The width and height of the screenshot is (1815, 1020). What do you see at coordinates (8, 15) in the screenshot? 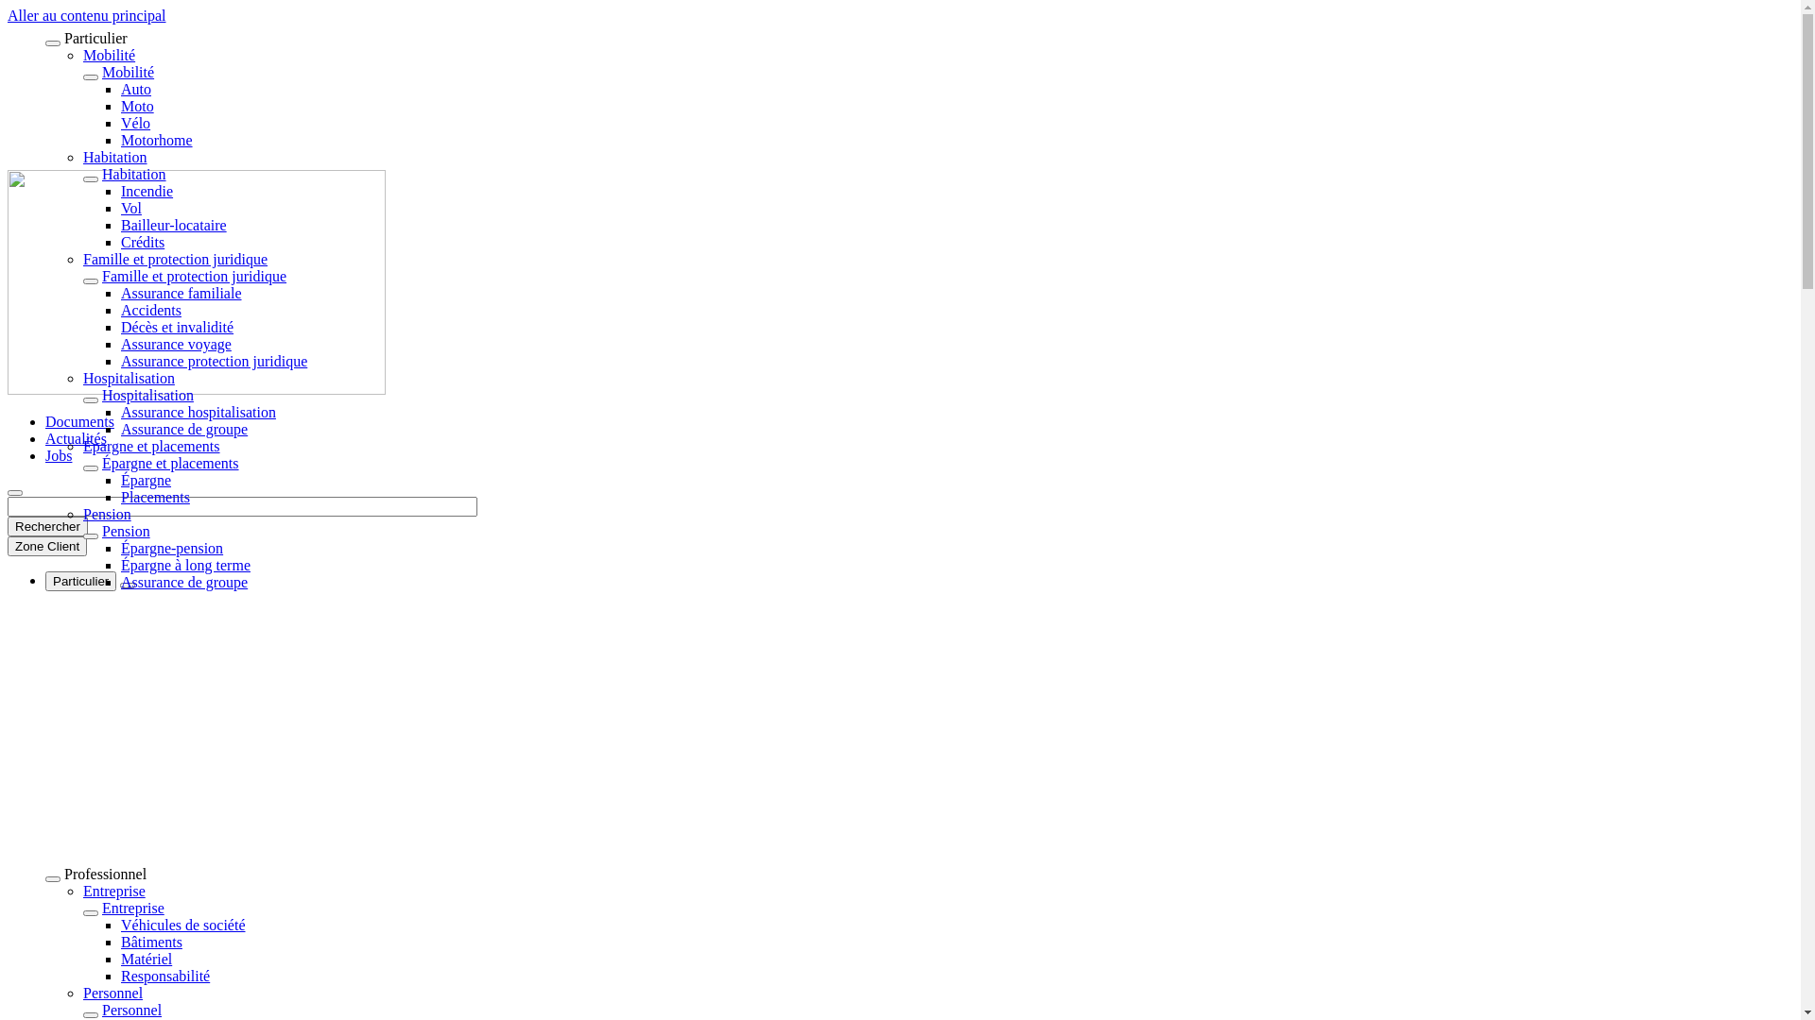
I see `'Aller au contenu principal'` at bounding box center [8, 15].